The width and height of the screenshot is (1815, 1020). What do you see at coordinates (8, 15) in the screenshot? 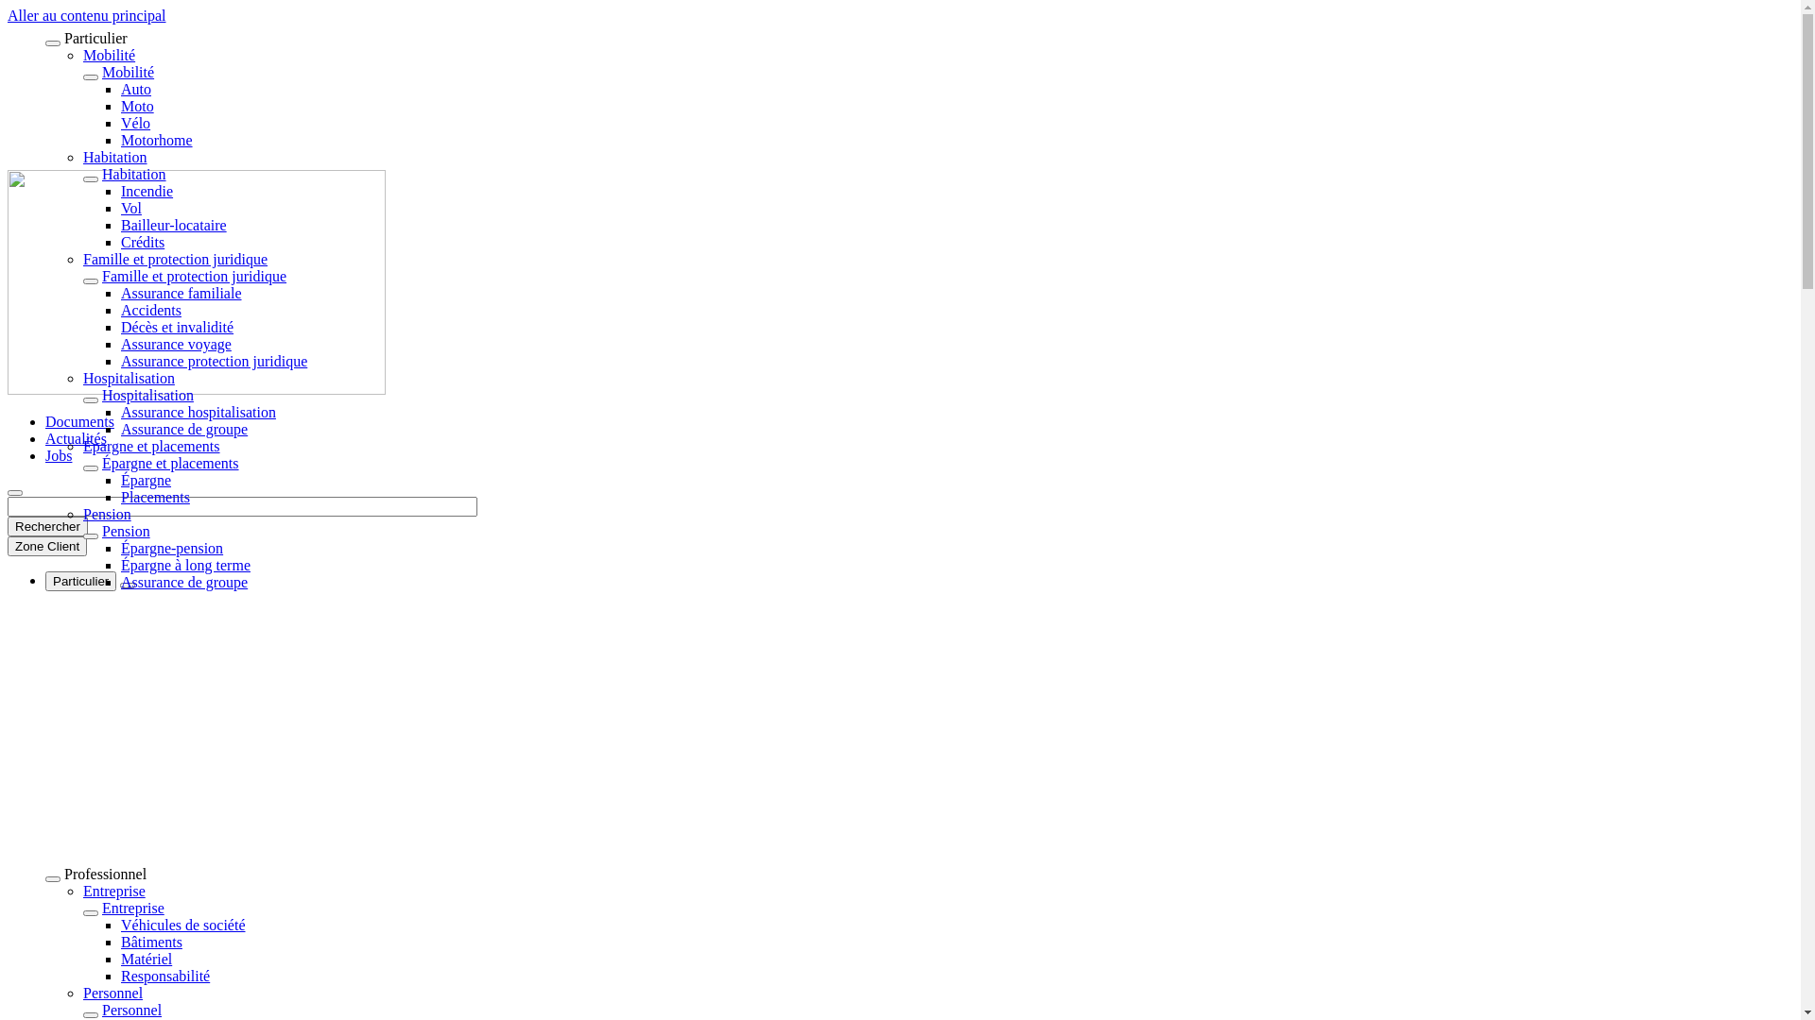
I see `'Aller au contenu principal'` at bounding box center [8, 15].